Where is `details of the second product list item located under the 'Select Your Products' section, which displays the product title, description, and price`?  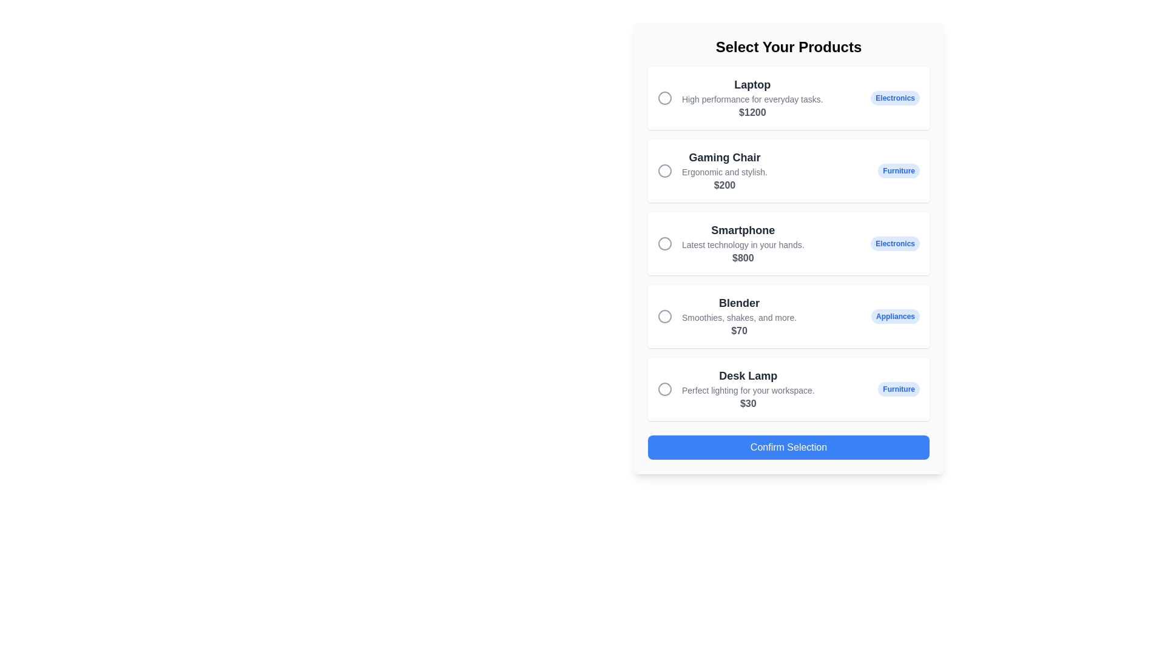
details of the second product list item located under the 'Select Your Products' section, which displays the product title, description, and price is located at coordinates (712, 170).